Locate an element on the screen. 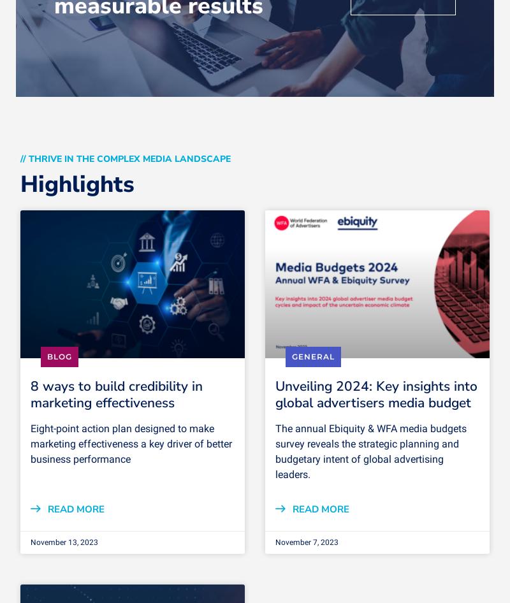 The height and width of the screenshot is (603, 510). 'Eight-point action plan designed to make marketing effectiveness a key driver of better business performance' is located at coordinates (131, 443).